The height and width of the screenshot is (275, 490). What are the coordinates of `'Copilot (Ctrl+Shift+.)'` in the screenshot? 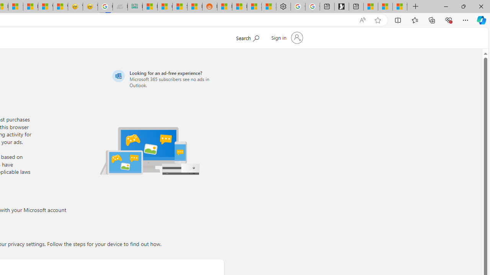 It's located at (481, 19).